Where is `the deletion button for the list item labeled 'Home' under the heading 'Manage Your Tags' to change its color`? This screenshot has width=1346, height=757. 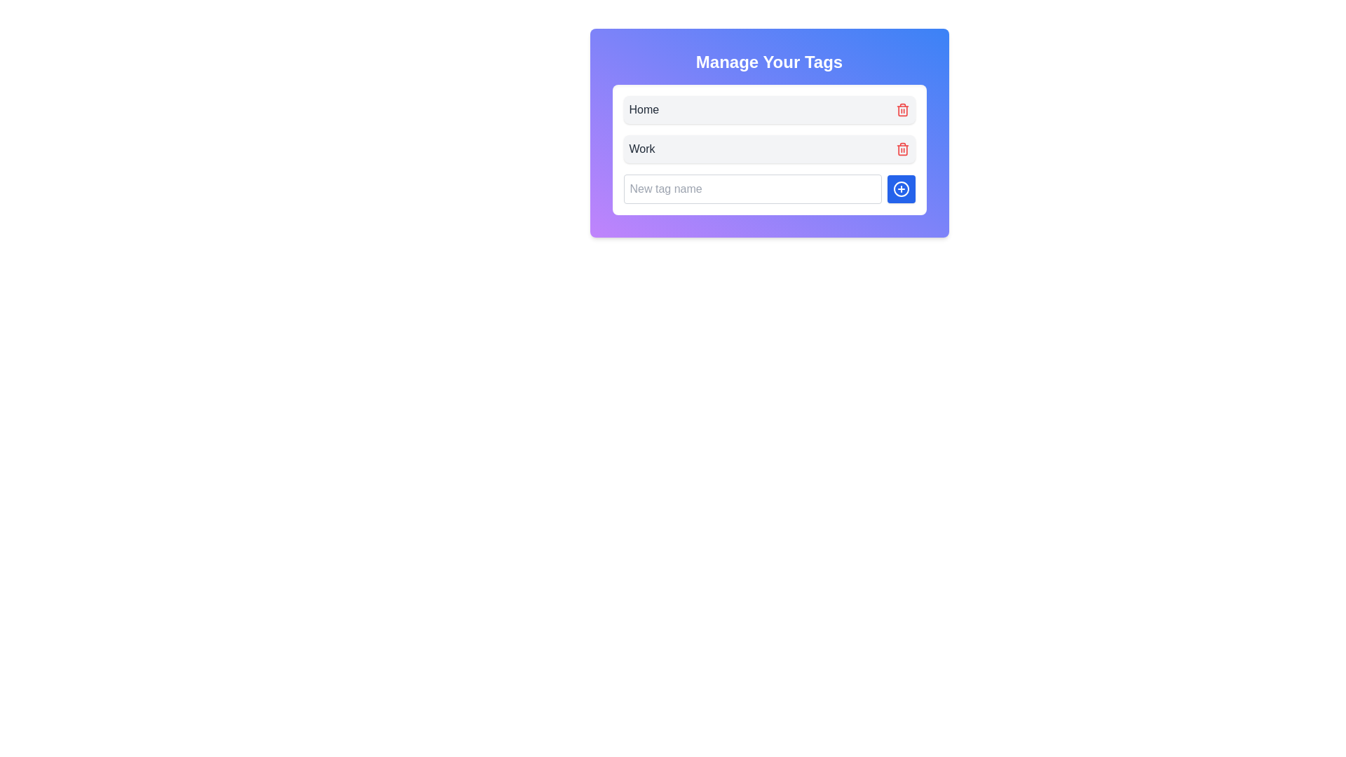 the deletion button for the list item labeled 'Home' under the heading 'Manage Your Tags' to change its color is located at coordinates (902, 109).